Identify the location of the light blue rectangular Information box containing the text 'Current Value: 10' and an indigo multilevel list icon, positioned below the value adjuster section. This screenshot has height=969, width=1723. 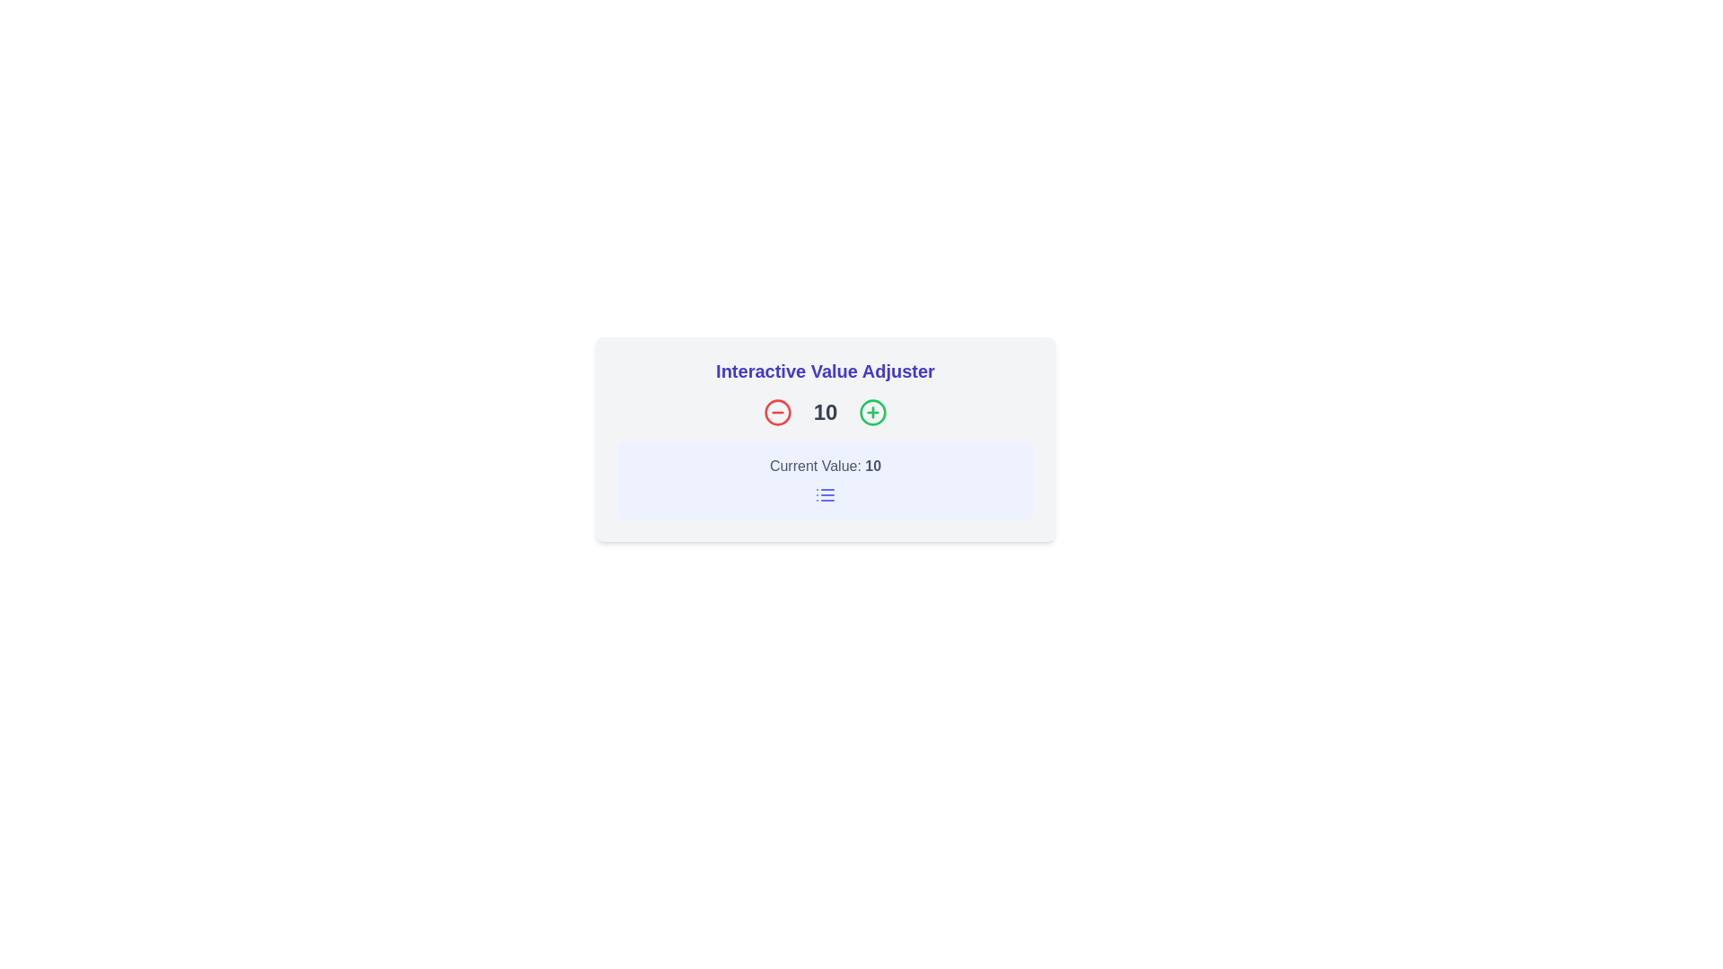
(825, 480).